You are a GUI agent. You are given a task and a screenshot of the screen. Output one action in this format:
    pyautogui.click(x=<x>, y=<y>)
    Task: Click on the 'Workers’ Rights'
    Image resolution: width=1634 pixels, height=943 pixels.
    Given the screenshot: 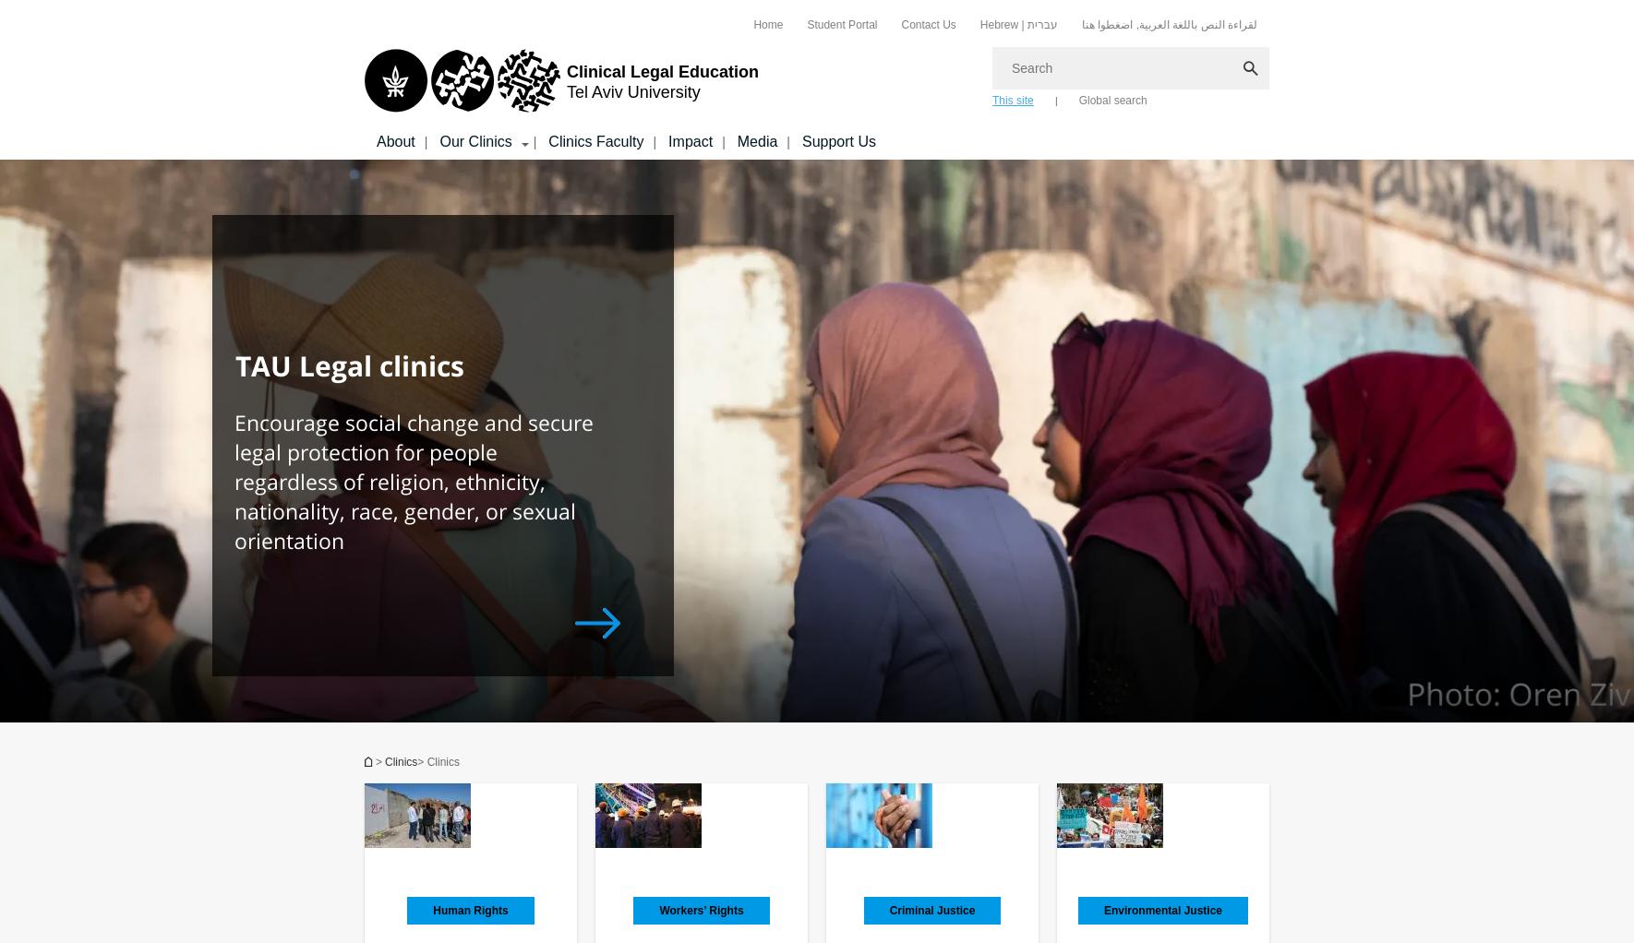 What is the action you would take?
    pyautogui.click(x=701, y=911)
    